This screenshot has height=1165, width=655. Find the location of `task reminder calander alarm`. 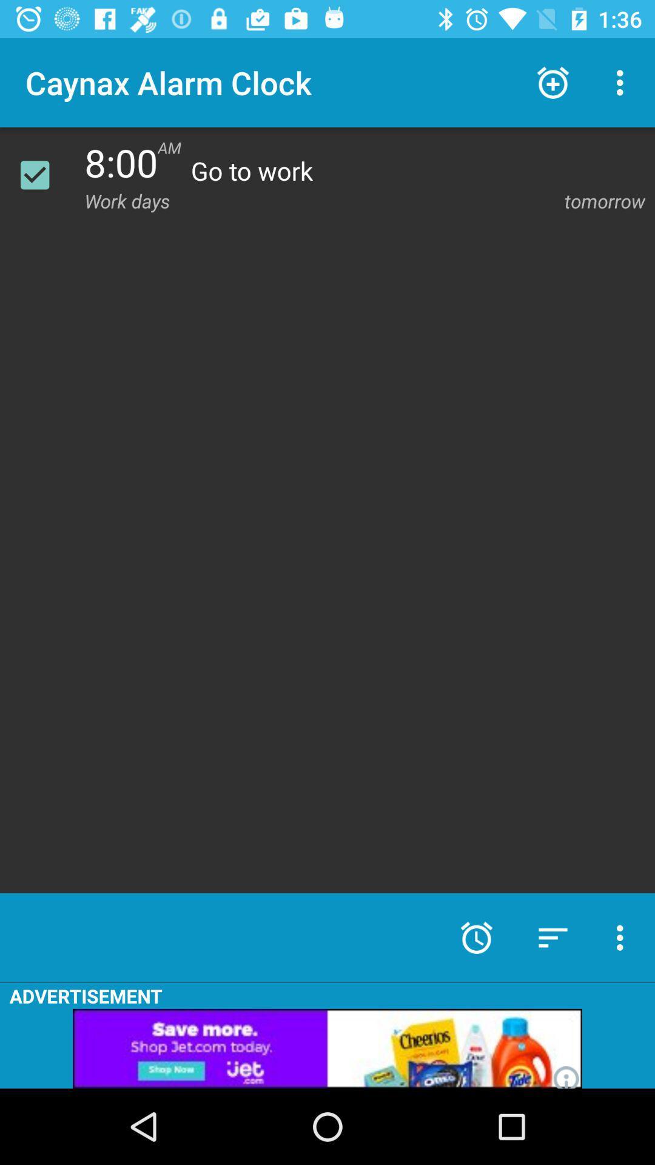

task reminder calander alarm is located at coordinates (42, 174).